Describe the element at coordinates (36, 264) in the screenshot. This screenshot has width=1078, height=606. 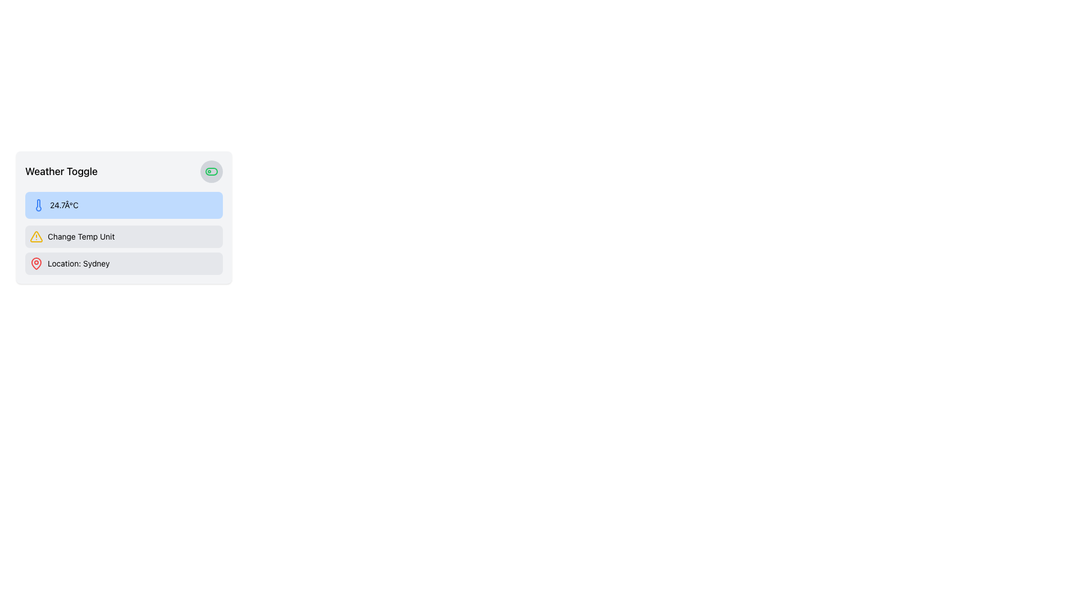
I see `the red map pin icon located beside the text 'Location: Sydney' in a light gray background area` at that location.